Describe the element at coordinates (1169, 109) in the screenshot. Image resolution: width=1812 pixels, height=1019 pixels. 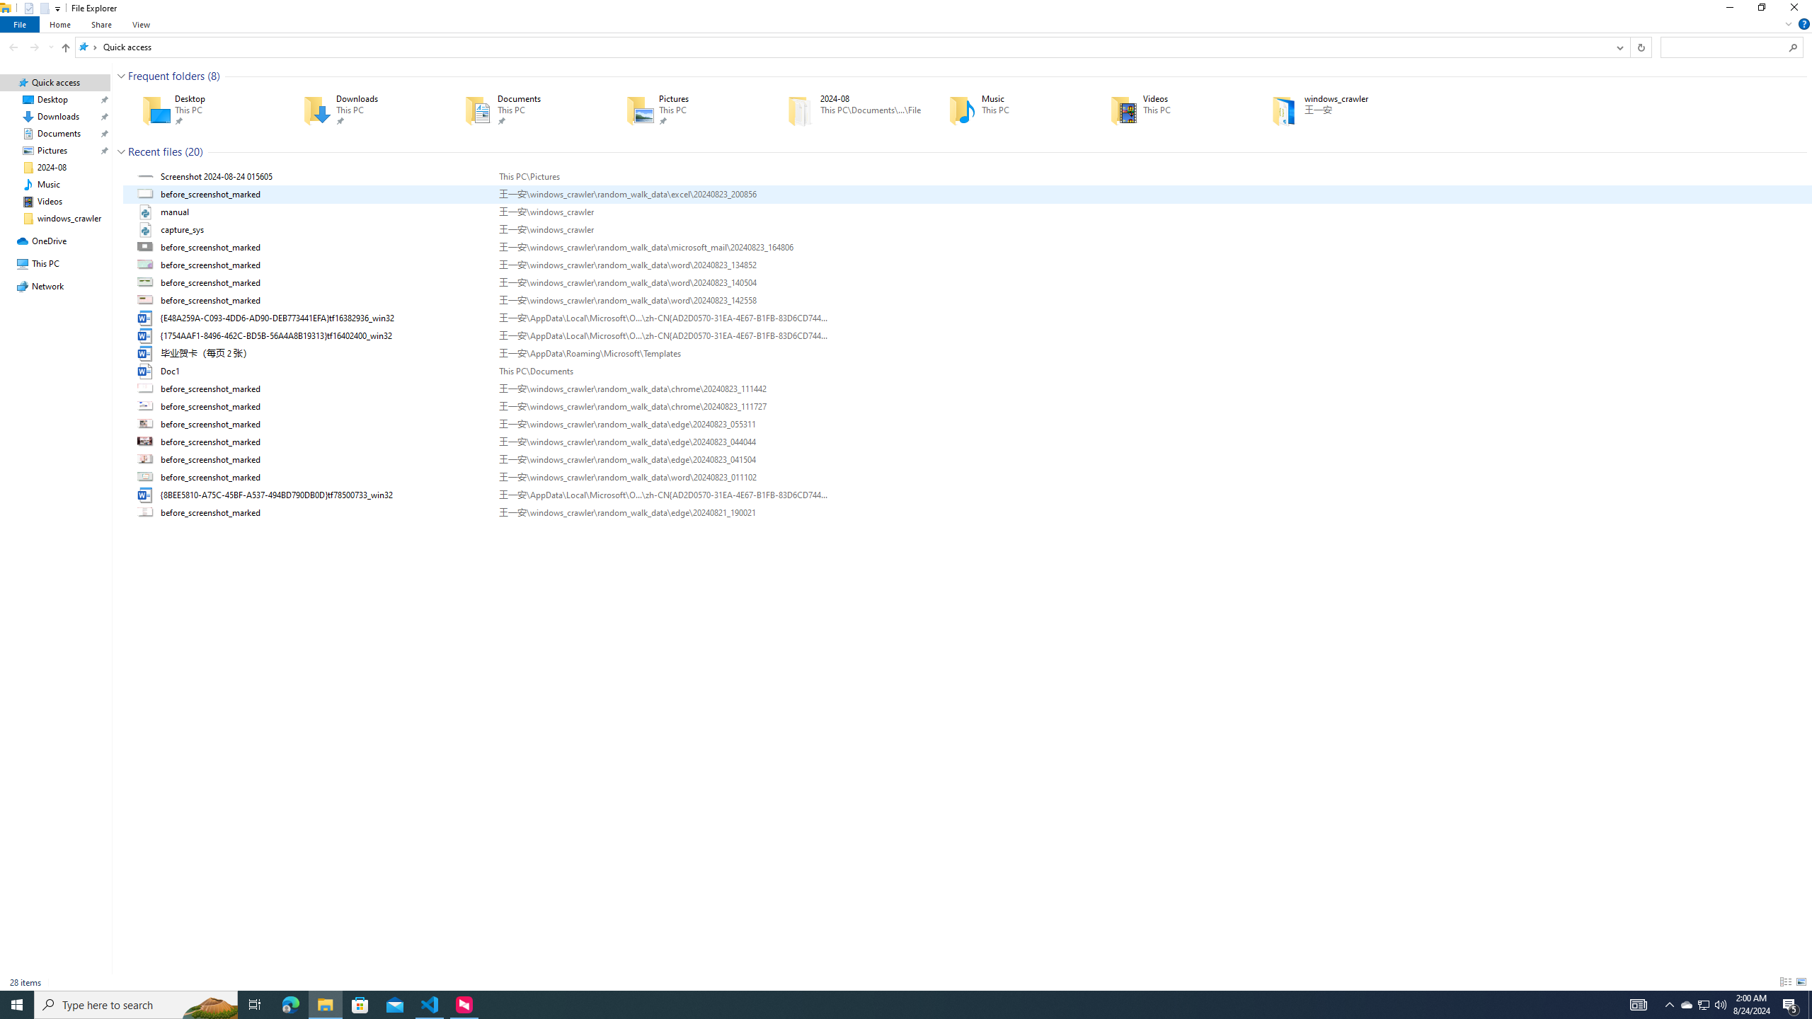
I see `'Videos'` at that location.